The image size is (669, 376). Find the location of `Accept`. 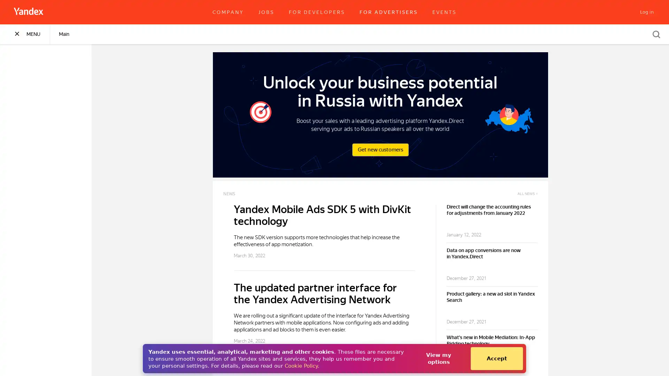

Accept is located at coordinates (496, 358).